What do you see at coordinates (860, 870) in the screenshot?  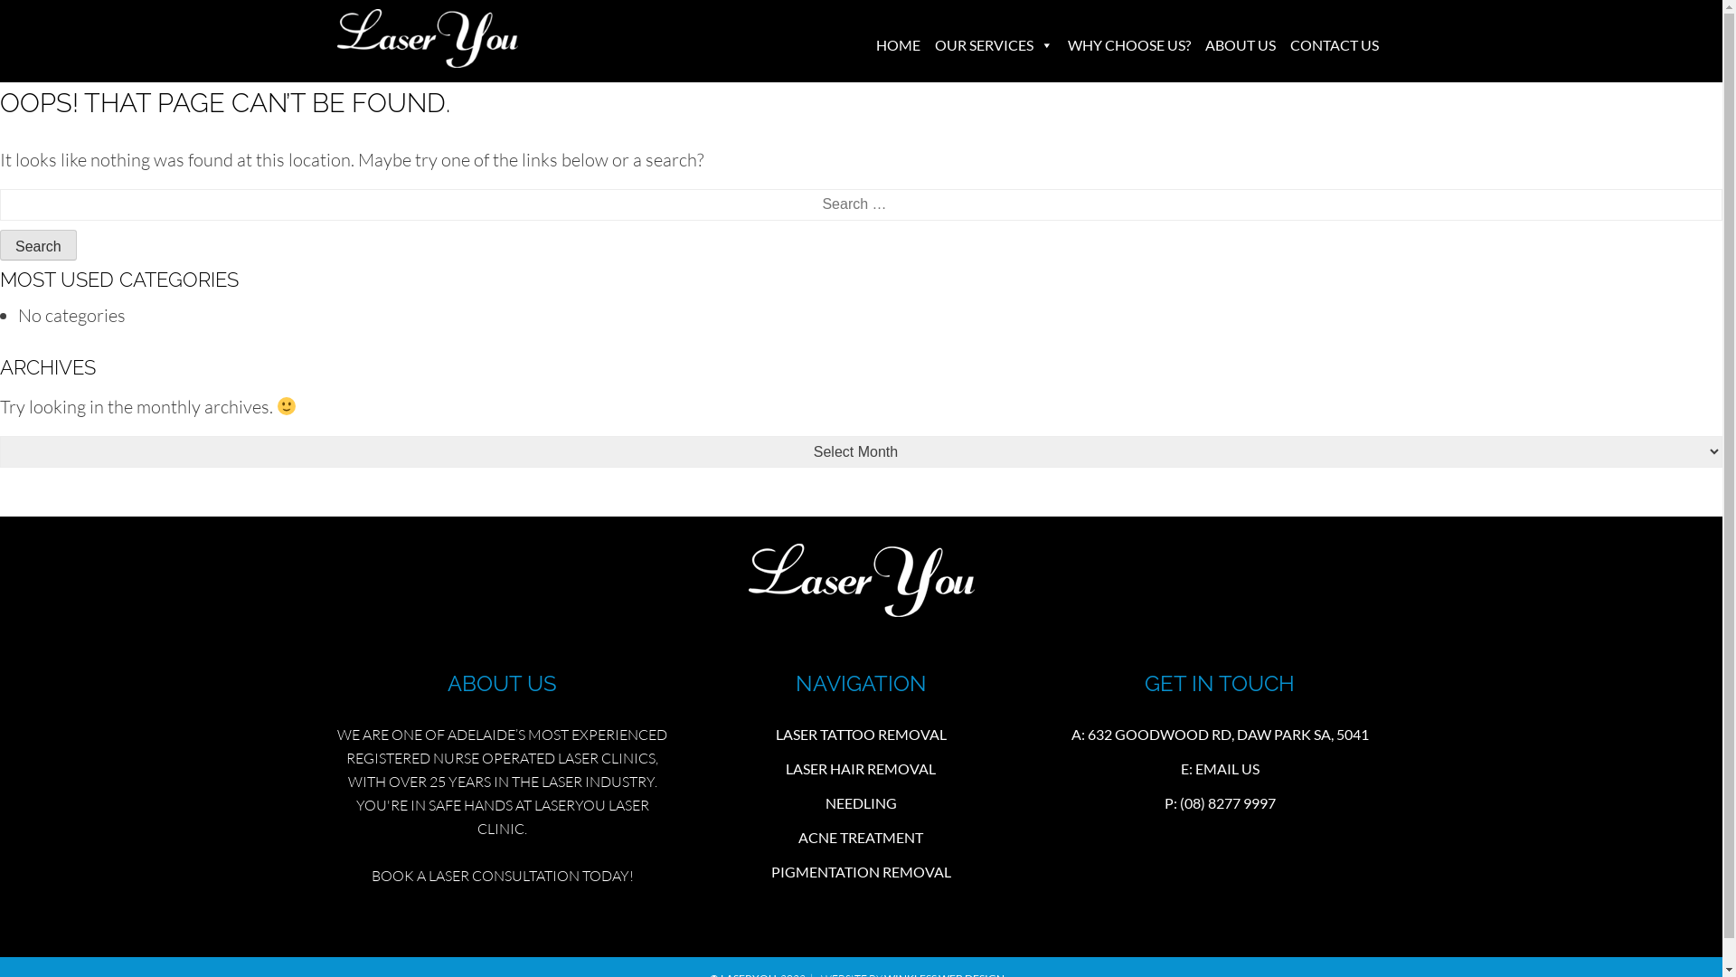 I see `'PIGMENTATION REMOVAL'` at bounding box center [860, 870].